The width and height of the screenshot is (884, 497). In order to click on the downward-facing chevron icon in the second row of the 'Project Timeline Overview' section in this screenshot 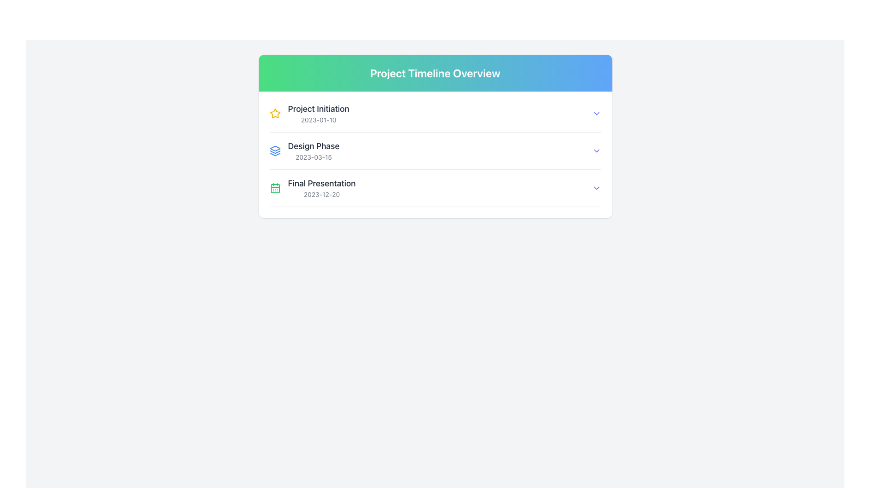, I will do `click(596, 150)`.